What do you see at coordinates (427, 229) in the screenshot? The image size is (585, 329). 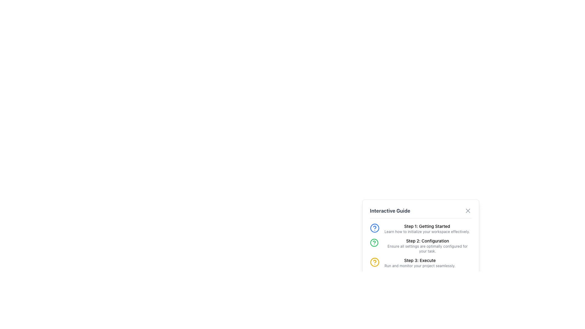 I see `instructional content provided in the text block located in the interactive guide panel, which is second from the top and vertically centered above the 'Step 2: Configuration' section` at bounding box center [427, 229].